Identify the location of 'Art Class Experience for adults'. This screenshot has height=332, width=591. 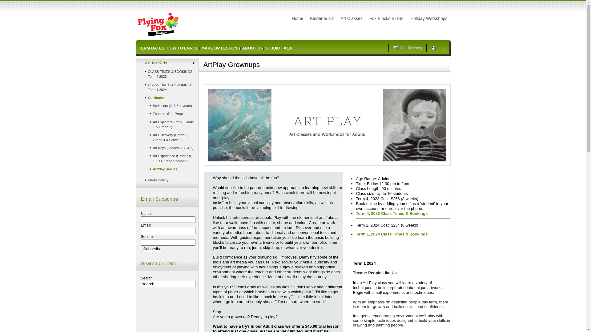
(326, 124).